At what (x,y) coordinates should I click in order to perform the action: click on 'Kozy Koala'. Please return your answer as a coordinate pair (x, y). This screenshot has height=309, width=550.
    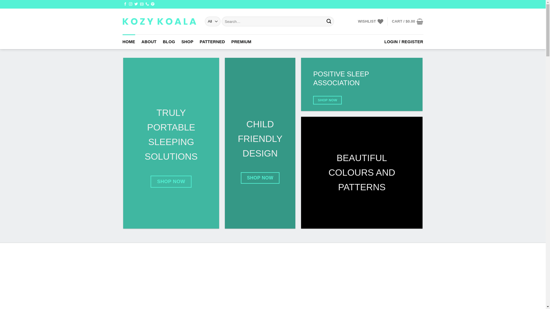
    Looking at the image, I should click on (159, 21).